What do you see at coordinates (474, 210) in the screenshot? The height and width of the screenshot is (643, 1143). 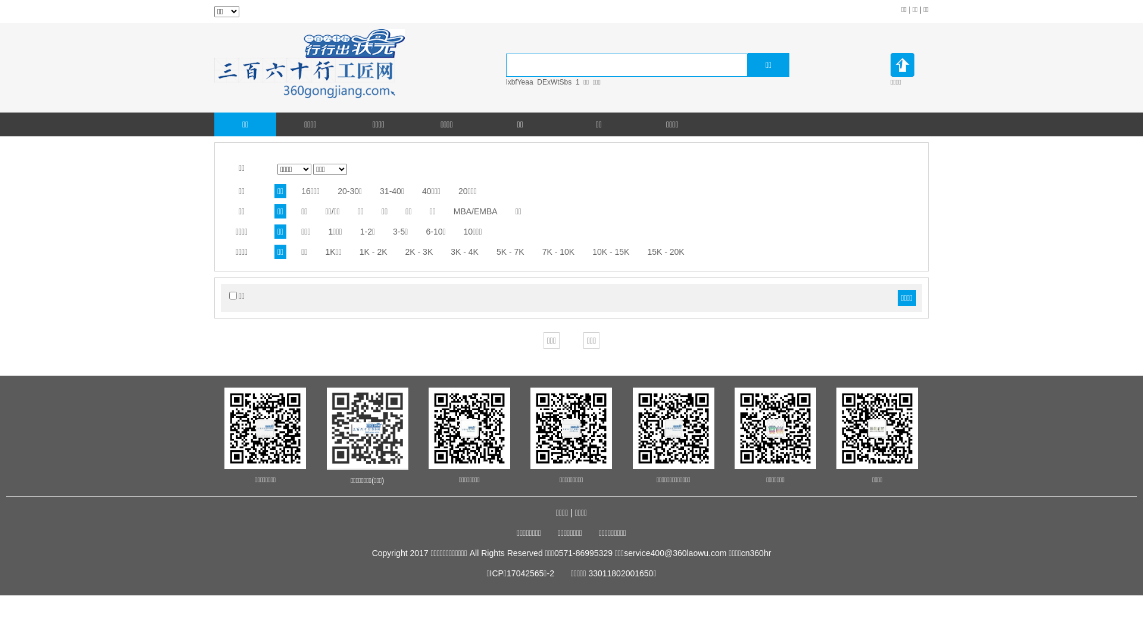 I see `'MBA/EMBA'` at bounding box center [474, 210].